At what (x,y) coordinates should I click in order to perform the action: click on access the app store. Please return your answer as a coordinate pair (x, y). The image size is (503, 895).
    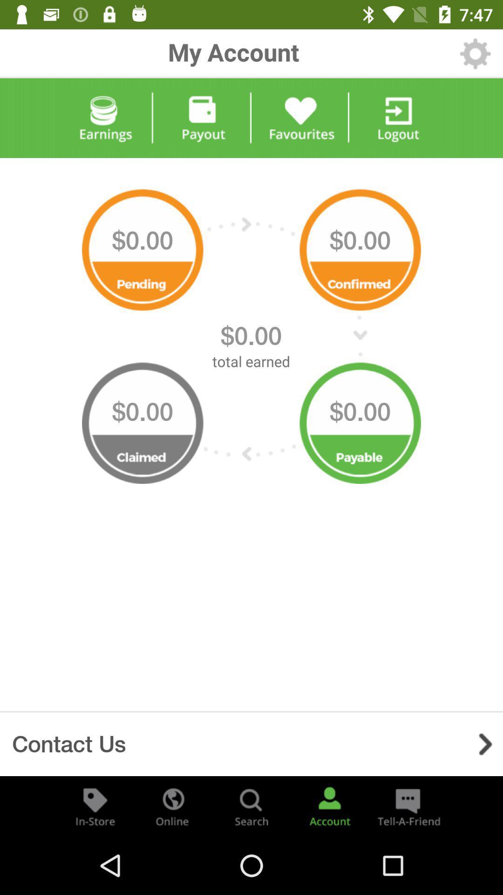
    Looking at the image, I should click on (95, 805).